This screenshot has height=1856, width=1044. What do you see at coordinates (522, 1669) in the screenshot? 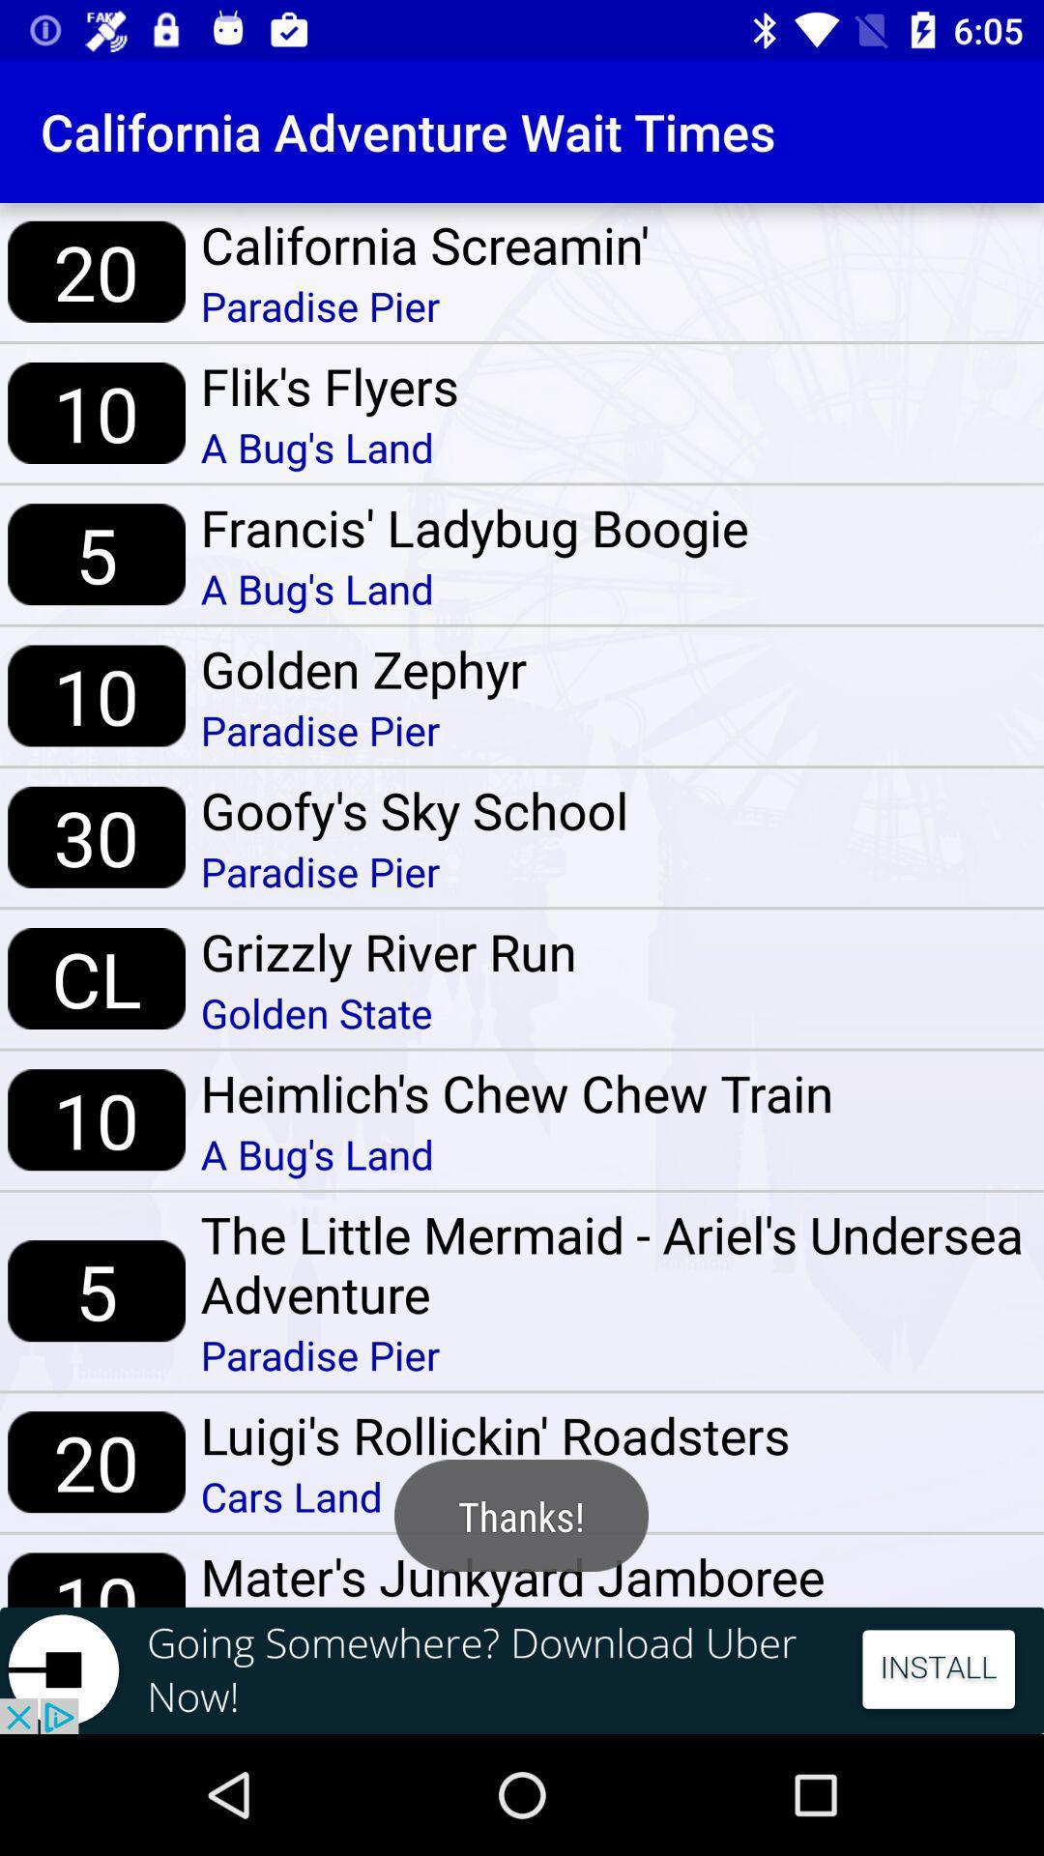
I see `the icon below the 10` at bounding box center [522, 1669].